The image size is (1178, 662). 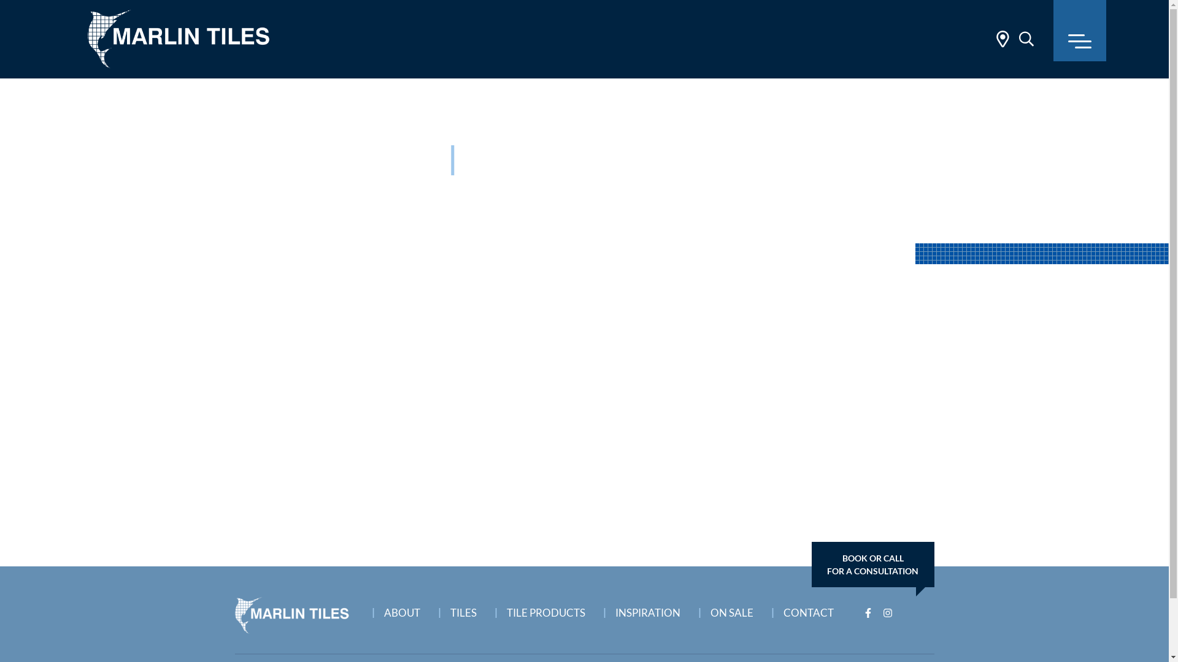 What do you see at coordinates (736, 609) in the screenshot?
I see `'ON SALE'` at bounding box center [736, 609].